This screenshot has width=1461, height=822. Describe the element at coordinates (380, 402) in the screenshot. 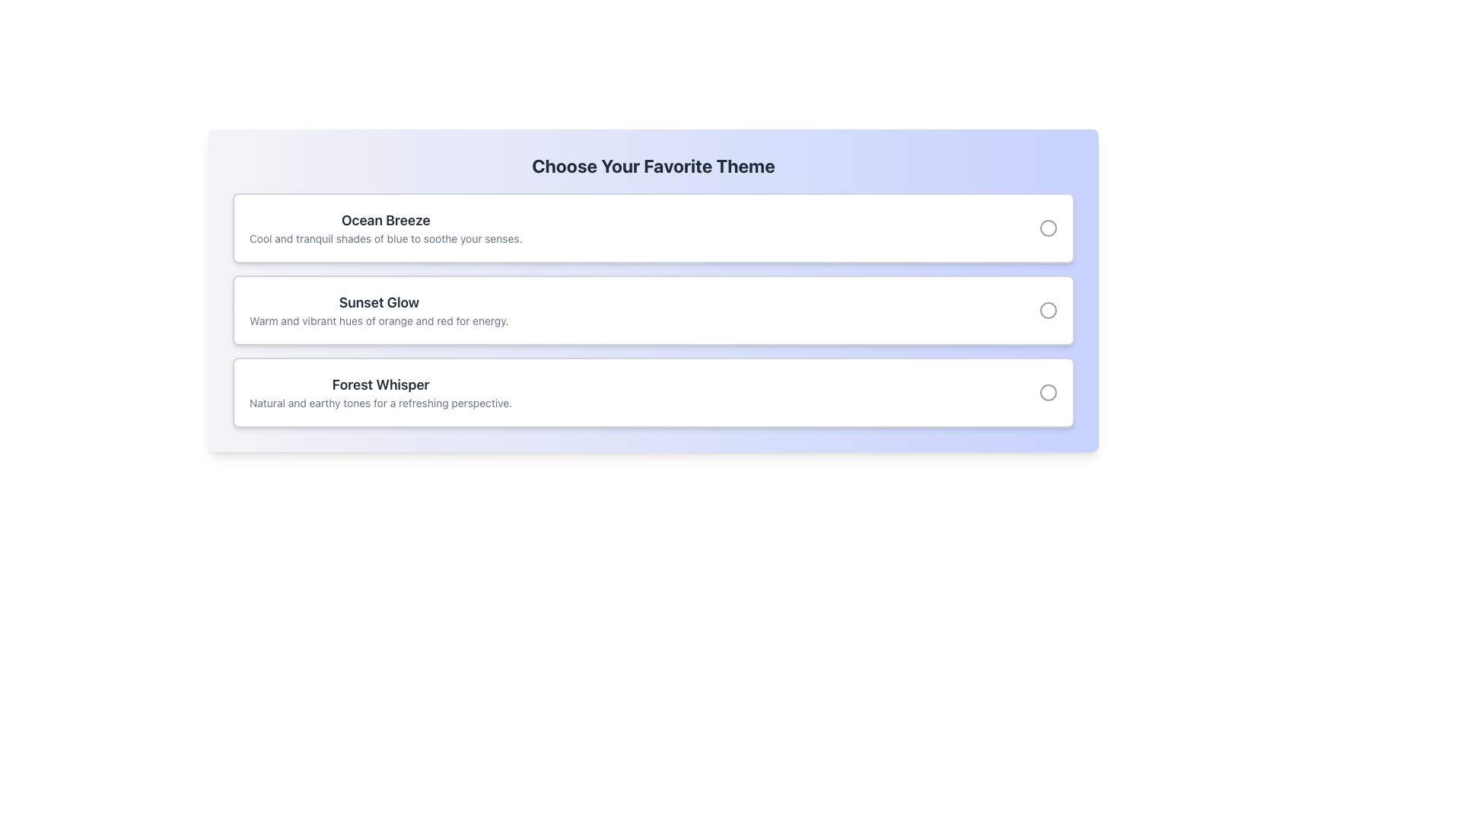

I see `the descriptive text element for the 'Forest Whisper' theme, which is located below the title in the third selectable option of the 'Choose Your Favorite Theme' list` at that location.